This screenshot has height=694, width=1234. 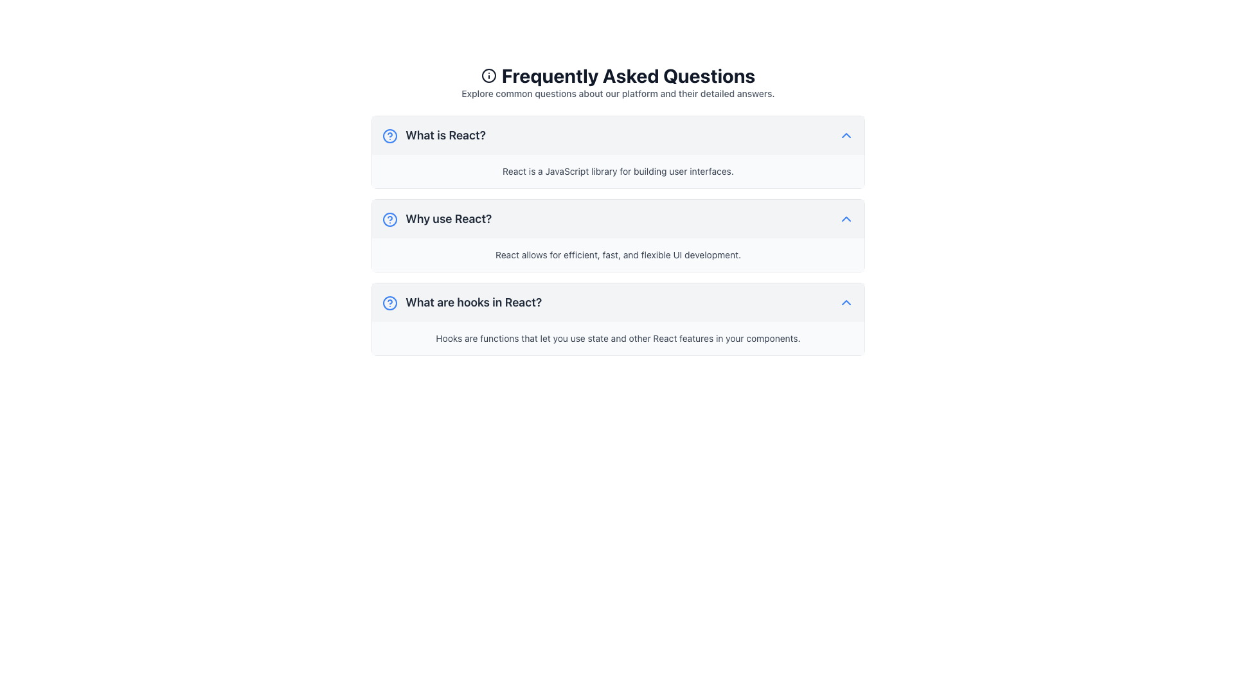 I want to click on the text block that contains the content 'React allows for efficient, fast, and flexible UI development.' with a light gray background, located below the header 'Why use React?', so click(x=618, y=255).